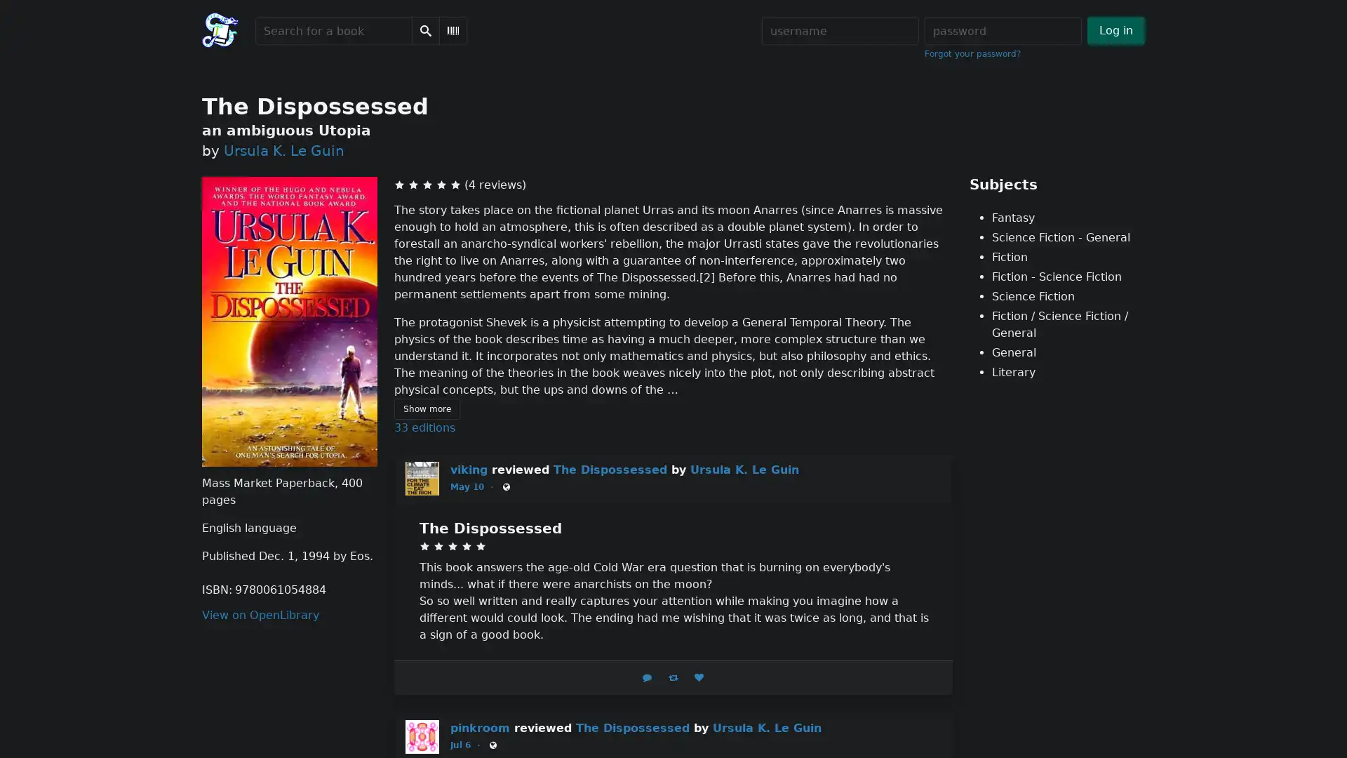 This screenshot has height=758, width=1347. What do you see at coordinates (1115, 30) in the screenshot?
I see `Log in` at bounding box center [1115, 30].